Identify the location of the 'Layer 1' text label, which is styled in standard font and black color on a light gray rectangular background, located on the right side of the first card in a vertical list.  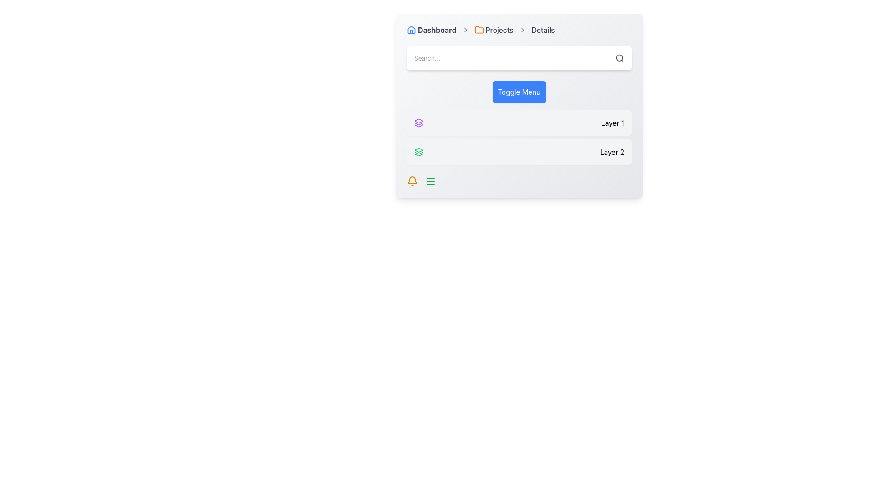
(612, 123).